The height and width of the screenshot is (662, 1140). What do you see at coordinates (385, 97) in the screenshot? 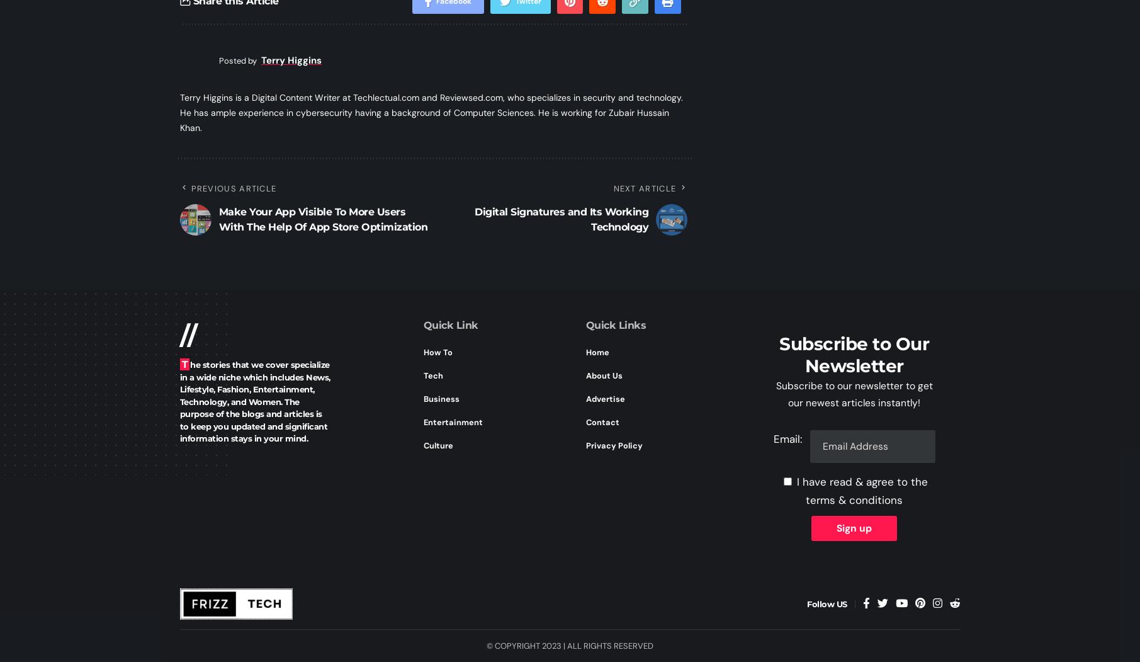
I see `'Techlectual.com'` at bounding box center [385, 97].